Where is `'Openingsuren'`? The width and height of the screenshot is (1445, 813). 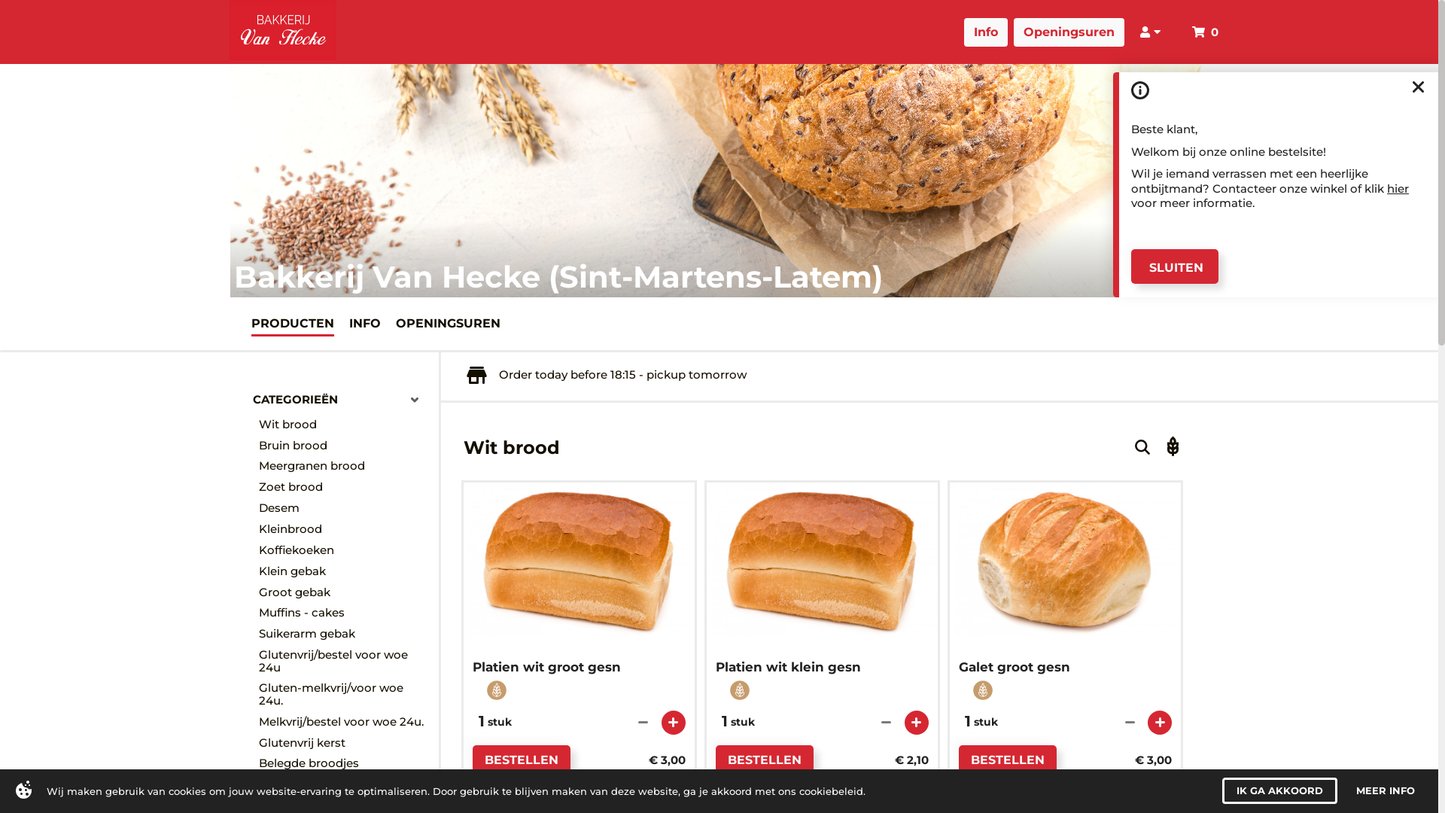
'Openingsuren' is located at coordinates (1030, 32).